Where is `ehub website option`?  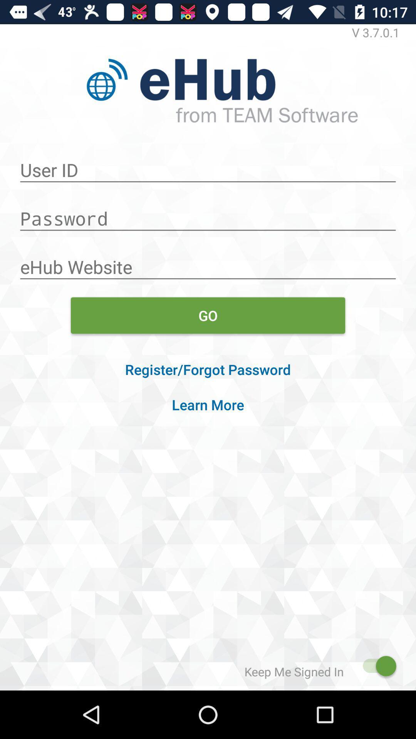 ehub website option is located at coordinates (208, 263).